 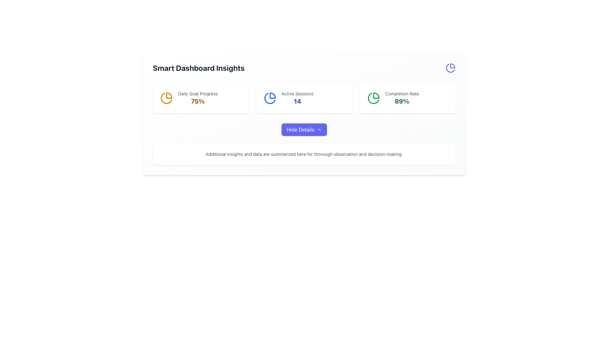 What do you see at coordinates (198, 68) in the screenshot?
I see `text from the prominent text label reading 'Smart Dashboard Insights' located at the top of the interface` at bounding box center [198, 68].